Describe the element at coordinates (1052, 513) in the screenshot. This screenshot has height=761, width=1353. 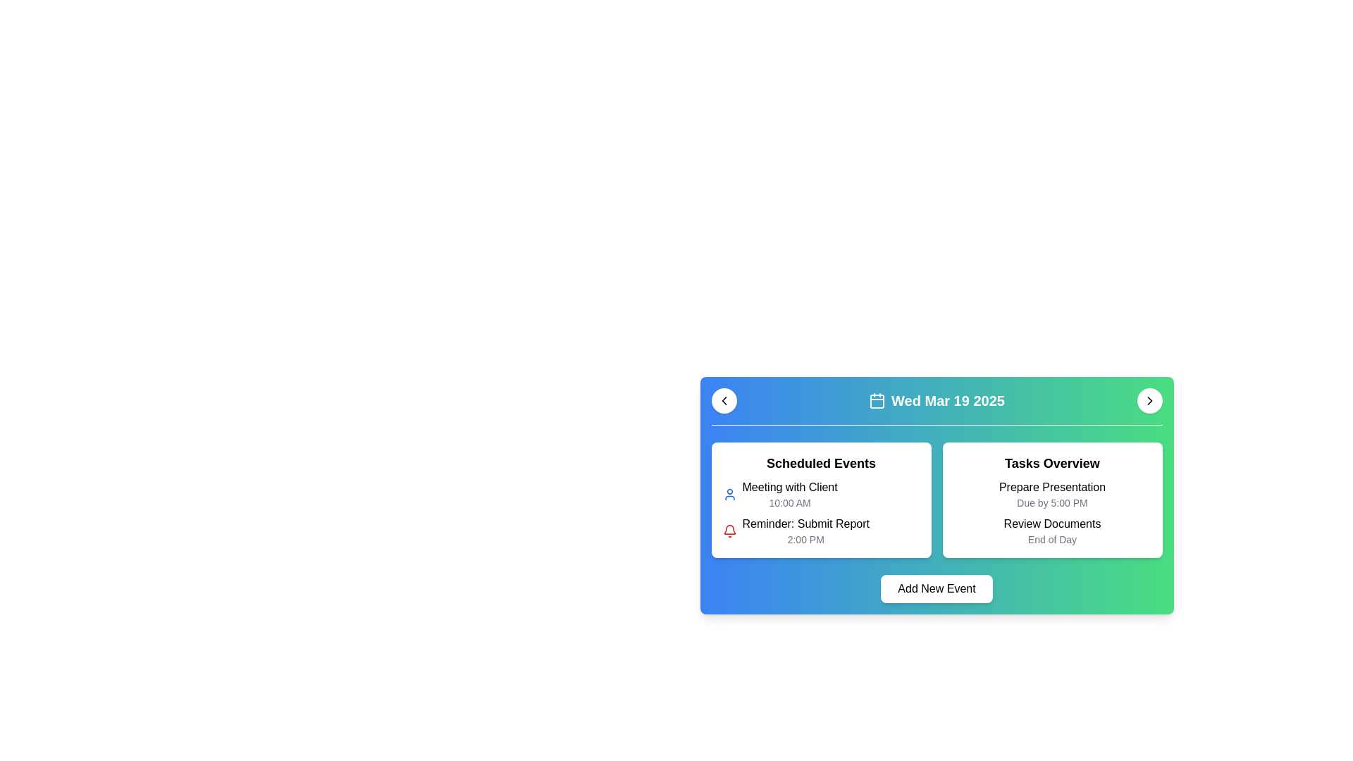
I see `the List with styled text items in the 'Tasks Overview' card, which displays tasks with their descriptions and deadlines` at that location.